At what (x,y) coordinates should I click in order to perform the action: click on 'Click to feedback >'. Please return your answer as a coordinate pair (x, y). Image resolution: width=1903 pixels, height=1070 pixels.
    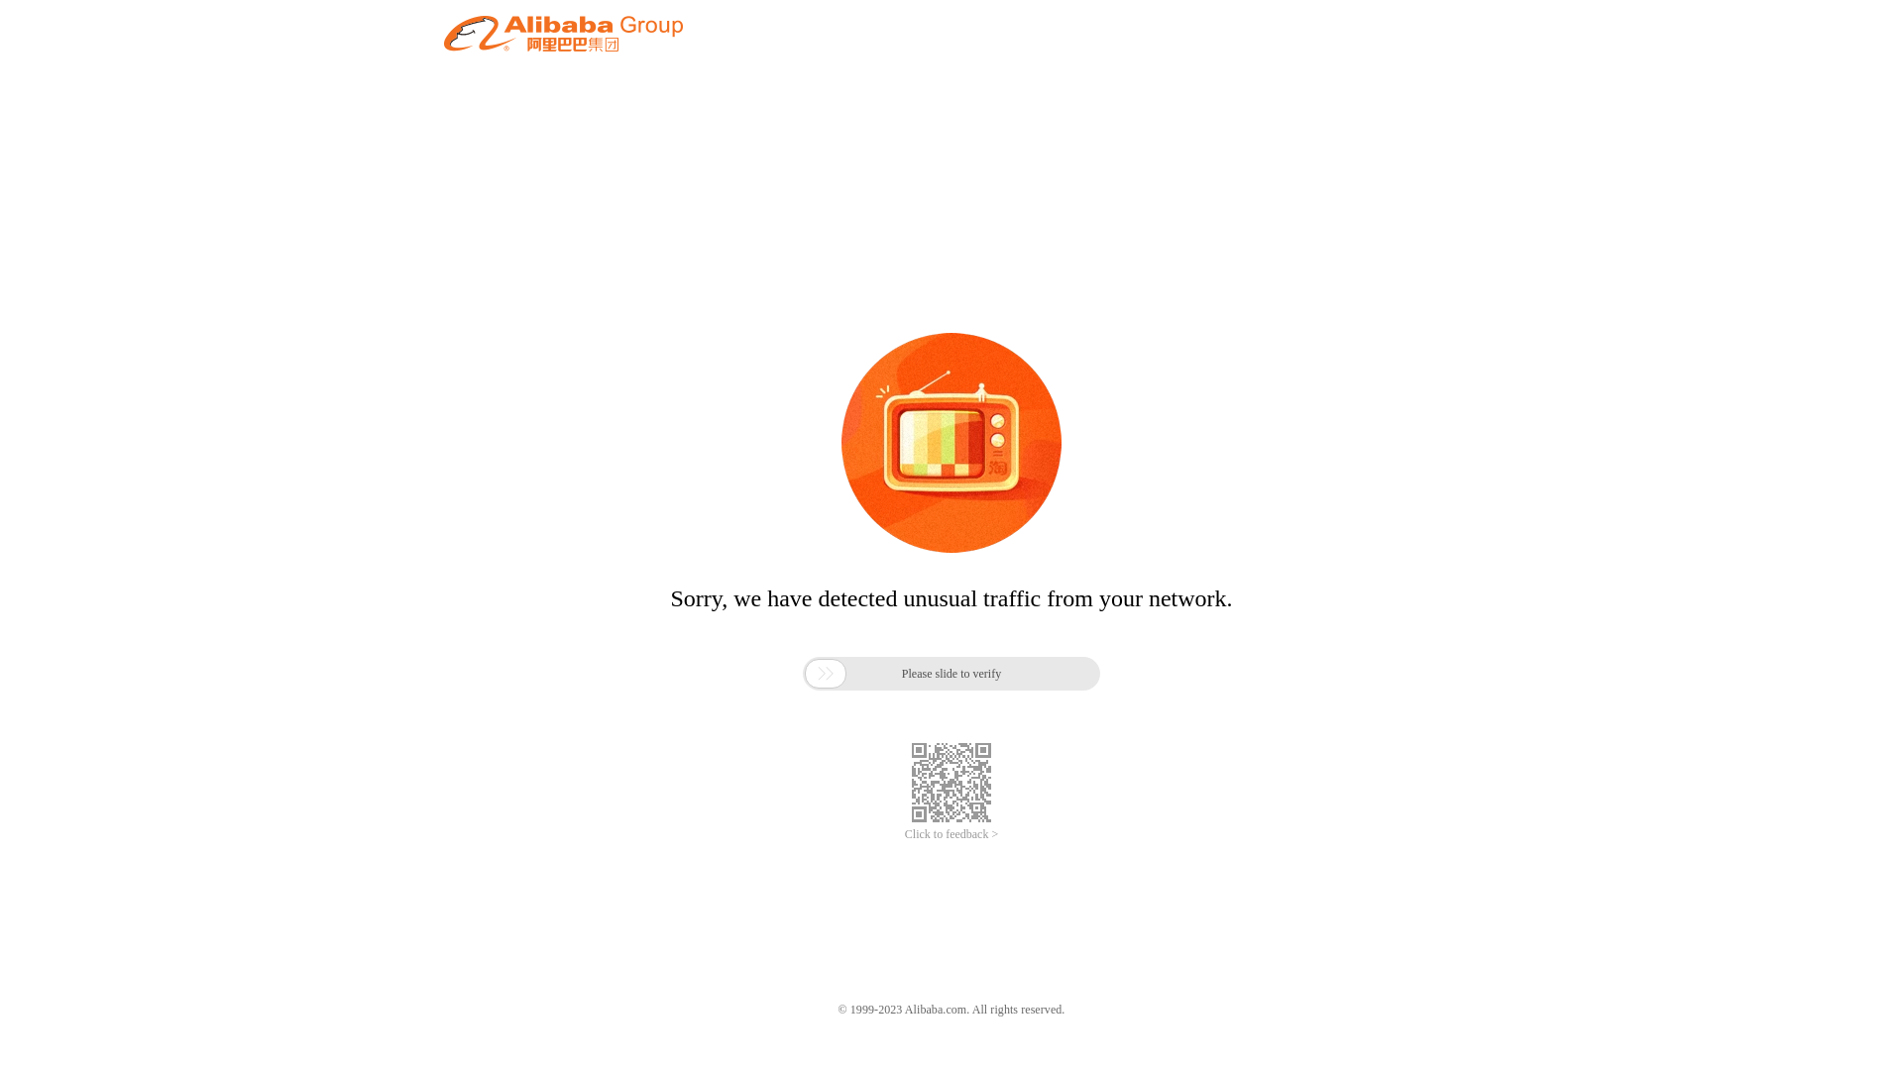
    Looking at the image, I should click on (951, 834).